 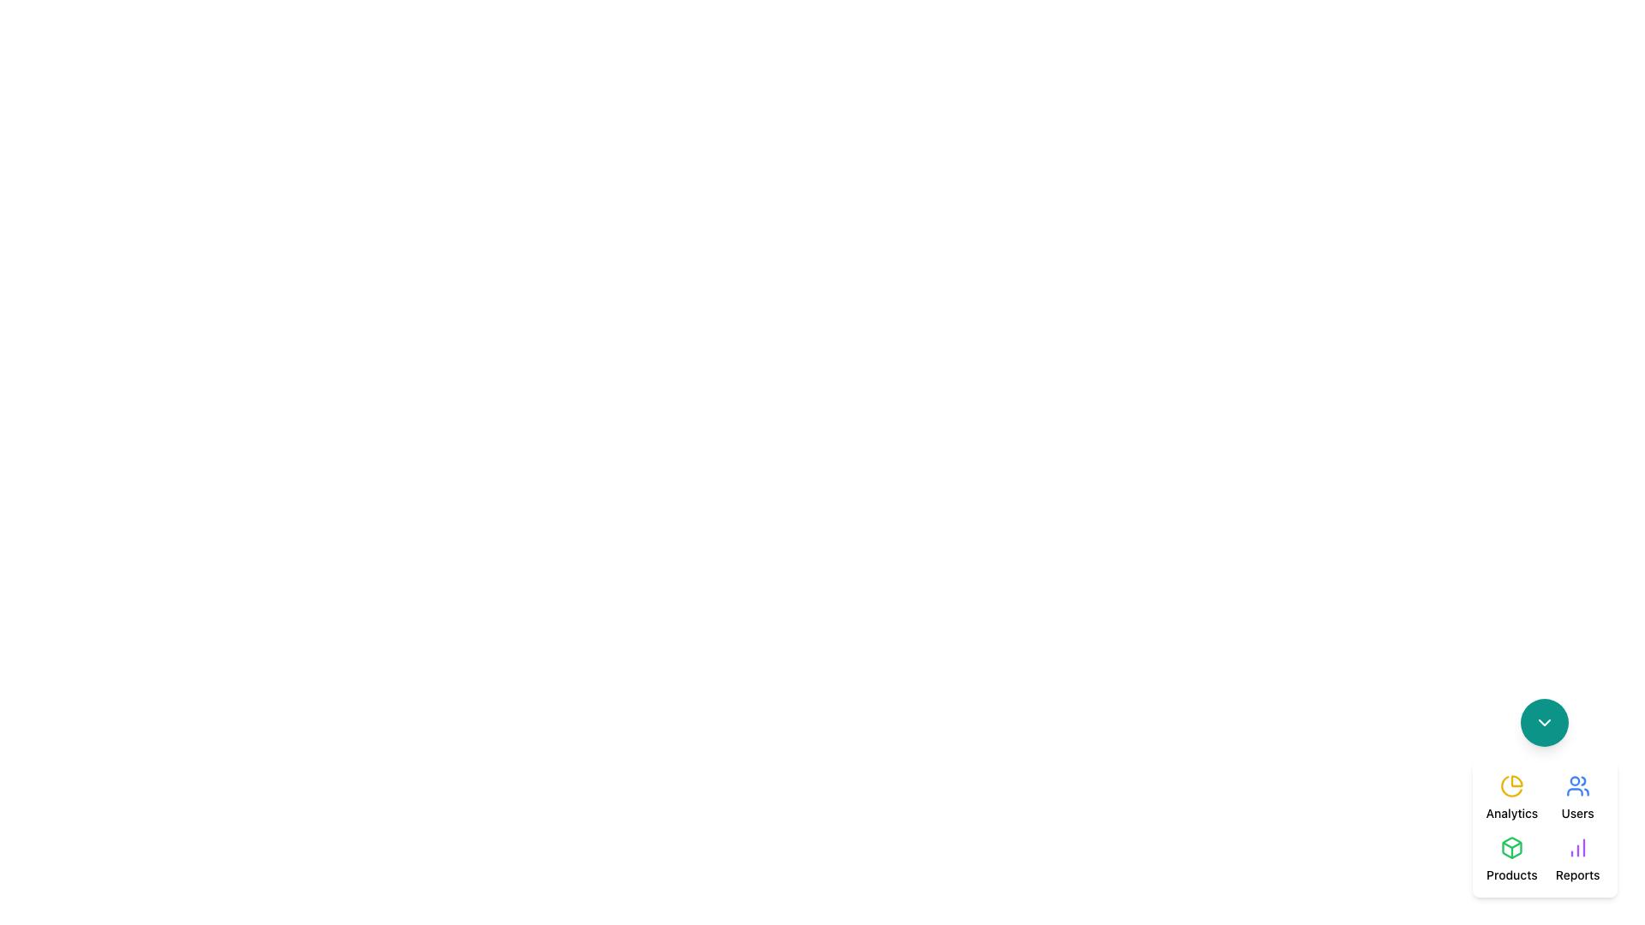 What do you see at coordinates (1576, 875) in the screenshot?
I see `the 'Reports' text label located below the purple bar chart icon in the bottom-right corner of the interface` at bounding box center [1576, 875].